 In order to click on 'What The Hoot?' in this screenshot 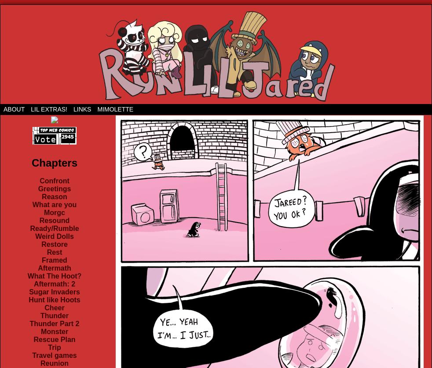, I will do `click(54, 275)`.